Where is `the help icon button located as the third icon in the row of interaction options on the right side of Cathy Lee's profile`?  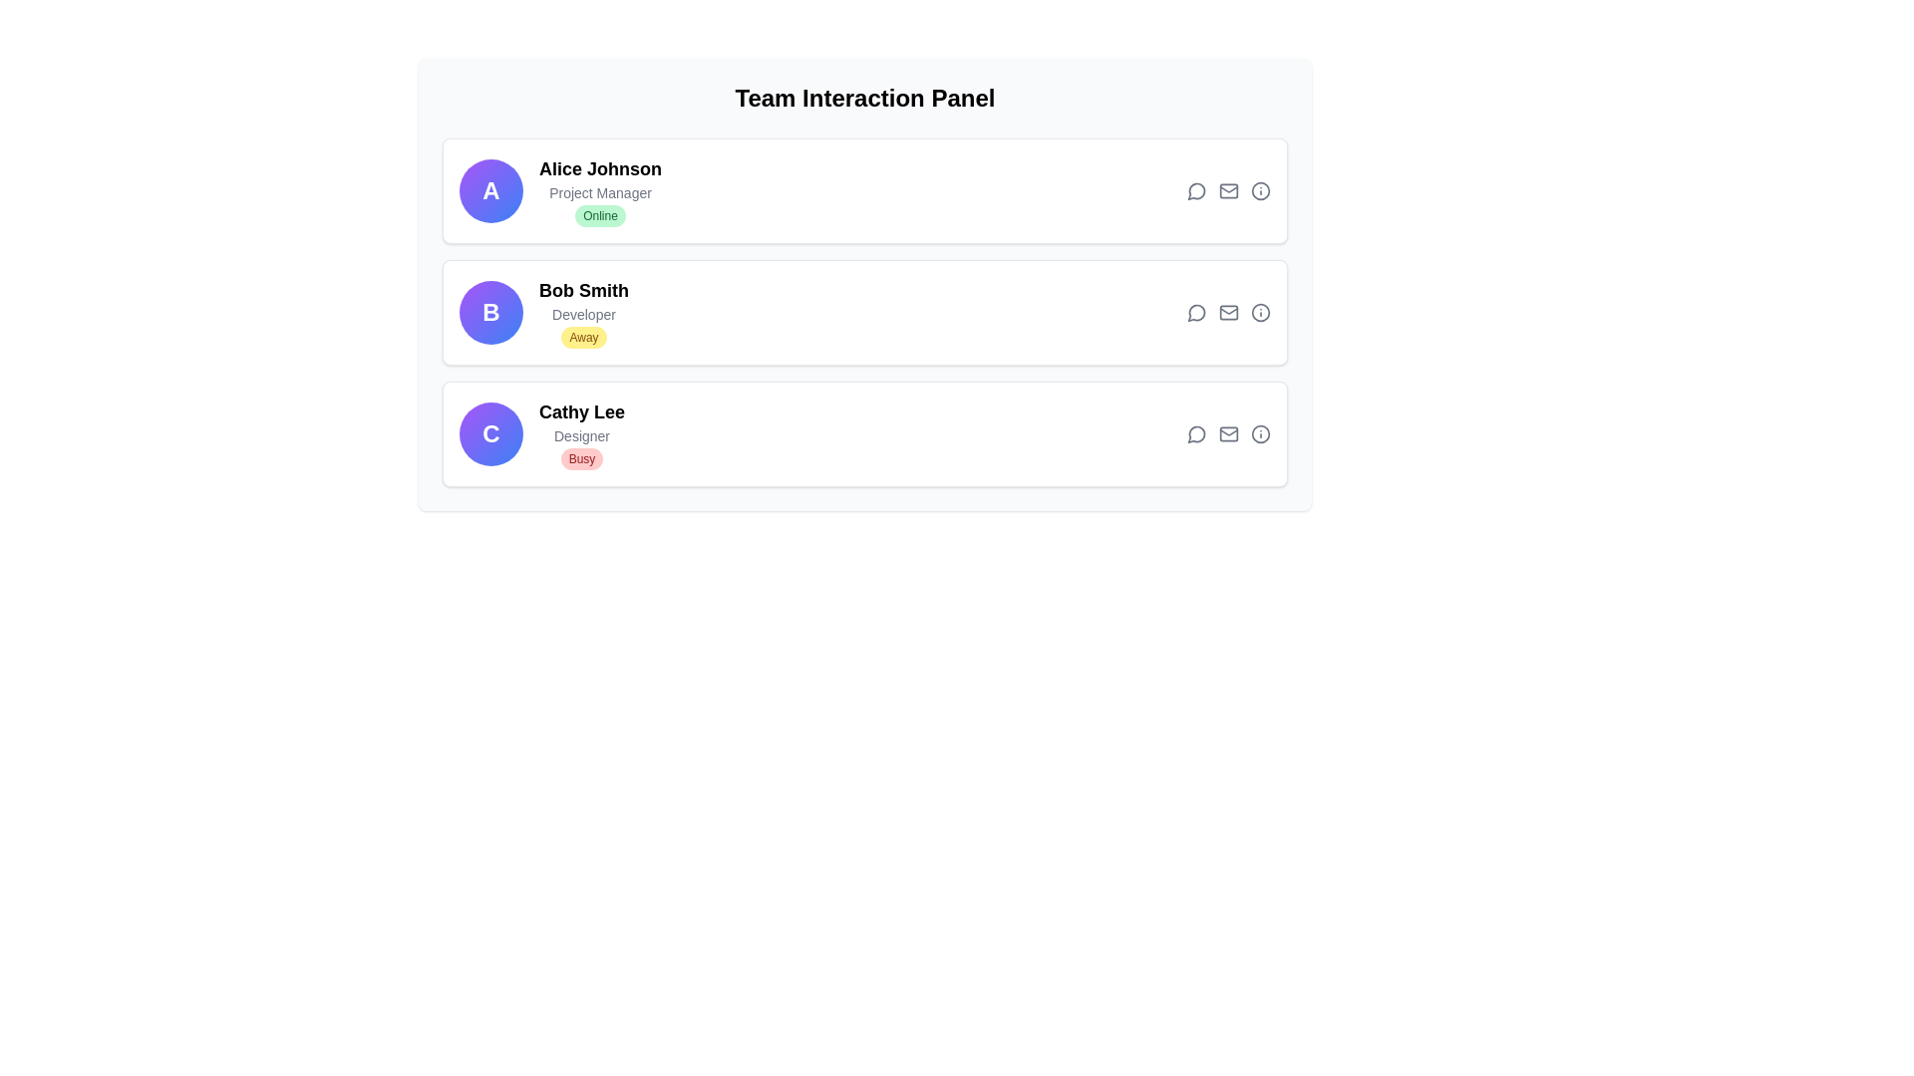
the help icon button located as the third icon in the row of interaction options on the right side of Cathy Lee's profile is located at coordinates (1260, 432).